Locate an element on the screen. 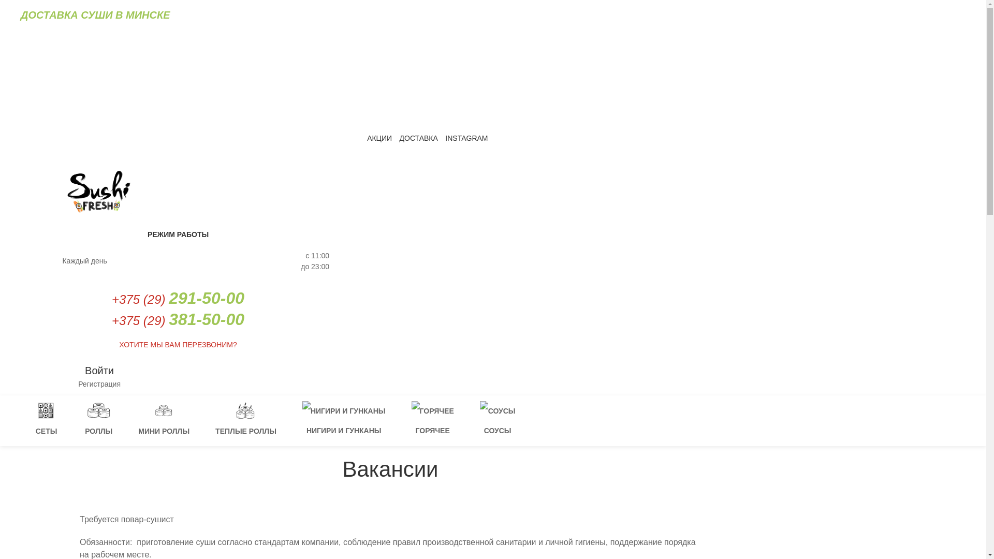  'INSTAGRAM' is located at coordinates (466, 138).